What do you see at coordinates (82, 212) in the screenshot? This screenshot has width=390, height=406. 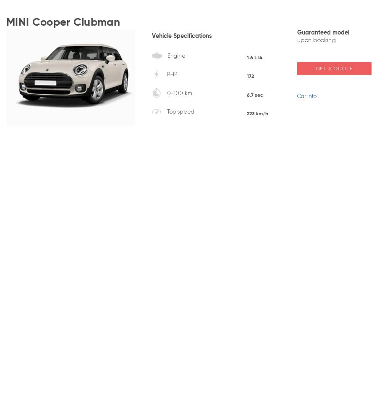 I see `'France'` at bounding box center [82, 212].